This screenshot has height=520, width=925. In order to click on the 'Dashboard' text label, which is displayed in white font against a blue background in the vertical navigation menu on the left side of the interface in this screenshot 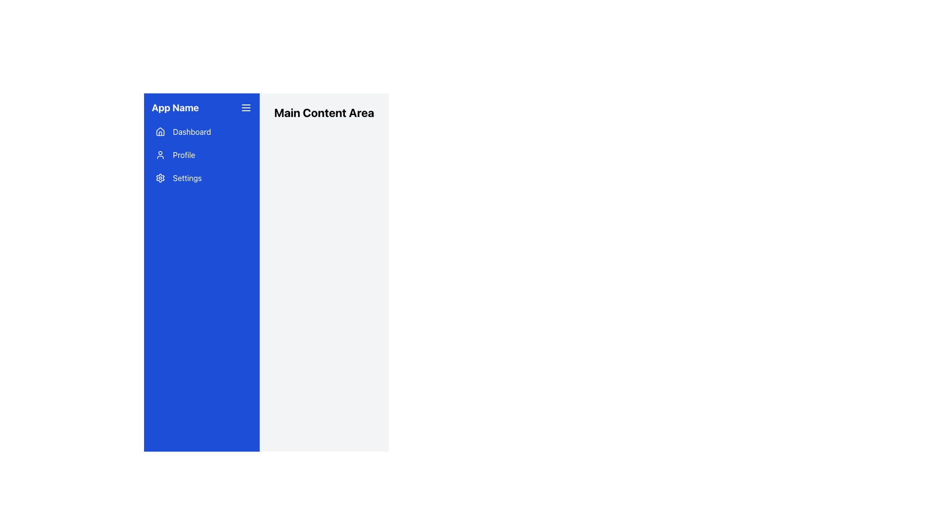, I will do `click(192, 131)`.